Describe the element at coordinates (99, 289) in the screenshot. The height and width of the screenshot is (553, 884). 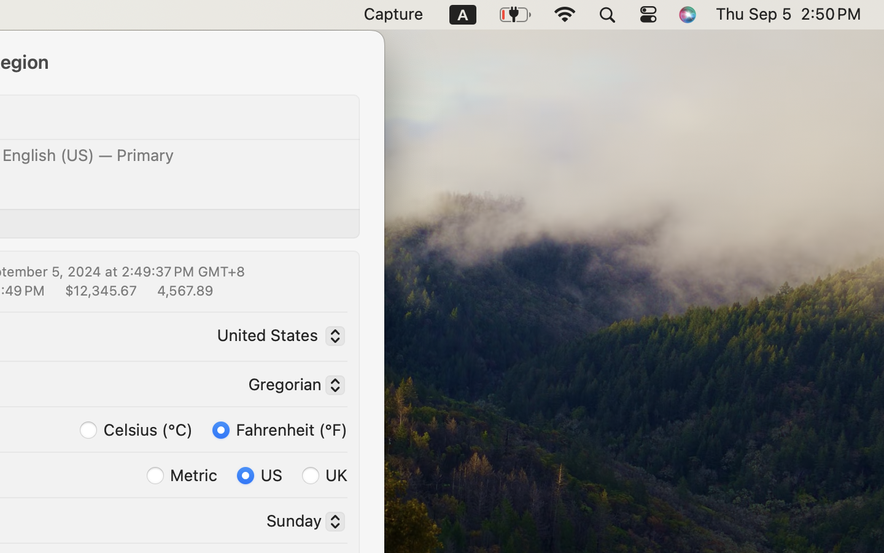
I see `'$12,345.67'` at that location.